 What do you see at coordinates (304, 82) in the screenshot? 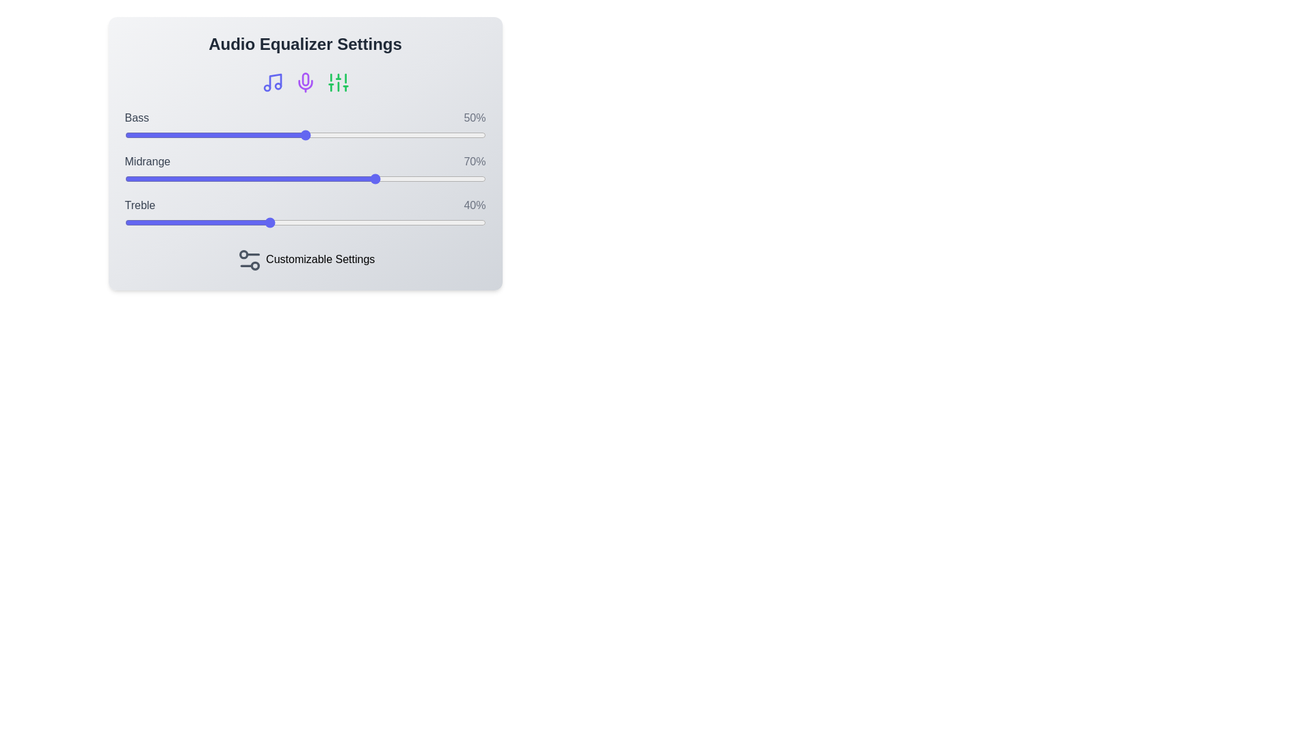
I see `the Microphone icon to perform its associated action` at bounding box center [304, 82].